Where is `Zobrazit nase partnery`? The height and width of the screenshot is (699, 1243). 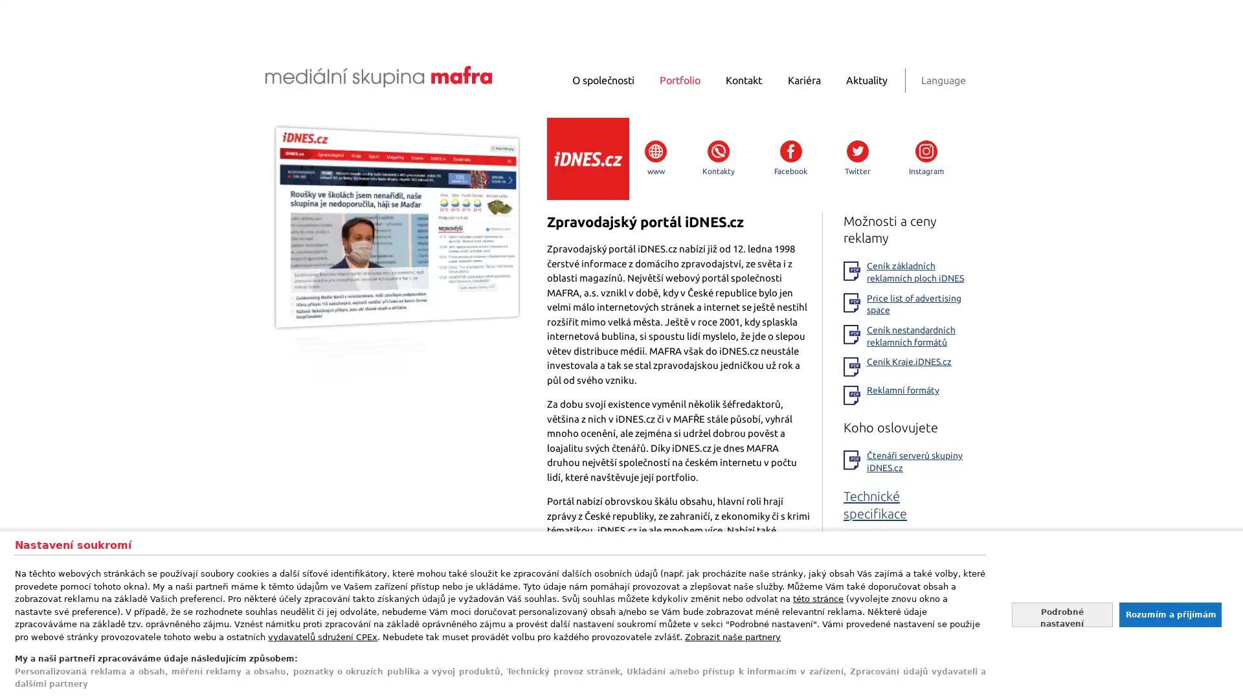
Zobrazit nase partnery is located at coordinates (733, 636).